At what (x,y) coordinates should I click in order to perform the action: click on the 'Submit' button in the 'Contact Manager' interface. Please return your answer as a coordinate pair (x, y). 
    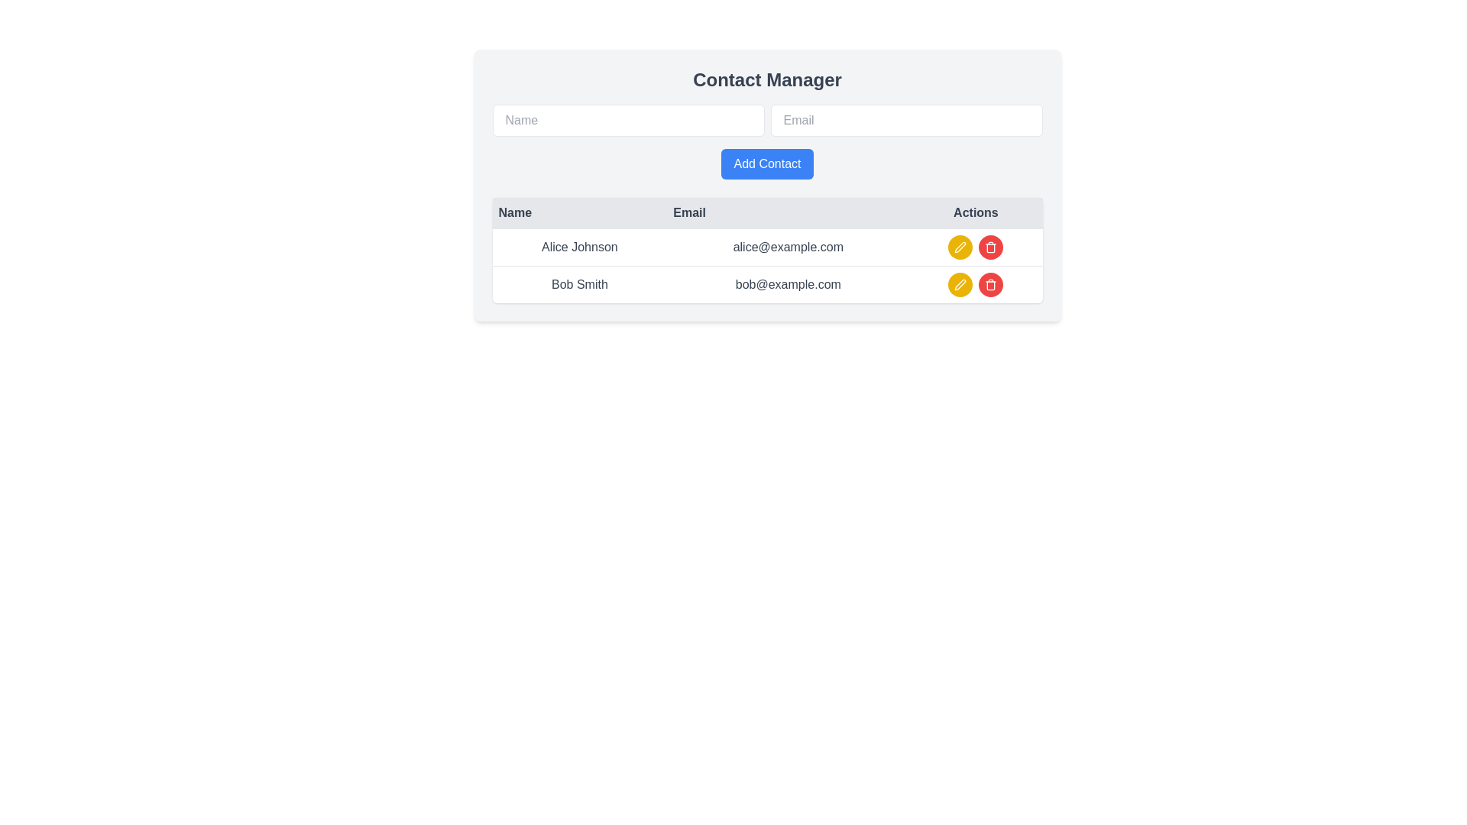
    Looking at the image, I should click on (767, 141).